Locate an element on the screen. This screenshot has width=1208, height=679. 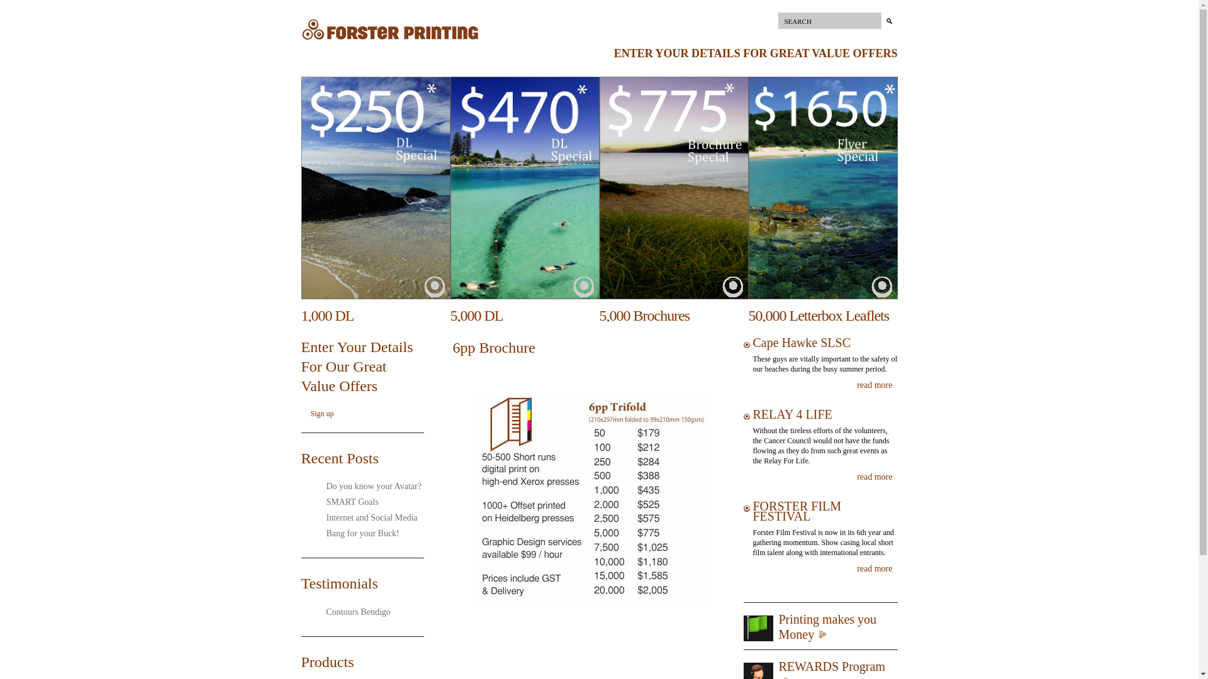
'read more' is located at coordinates (856, 569).